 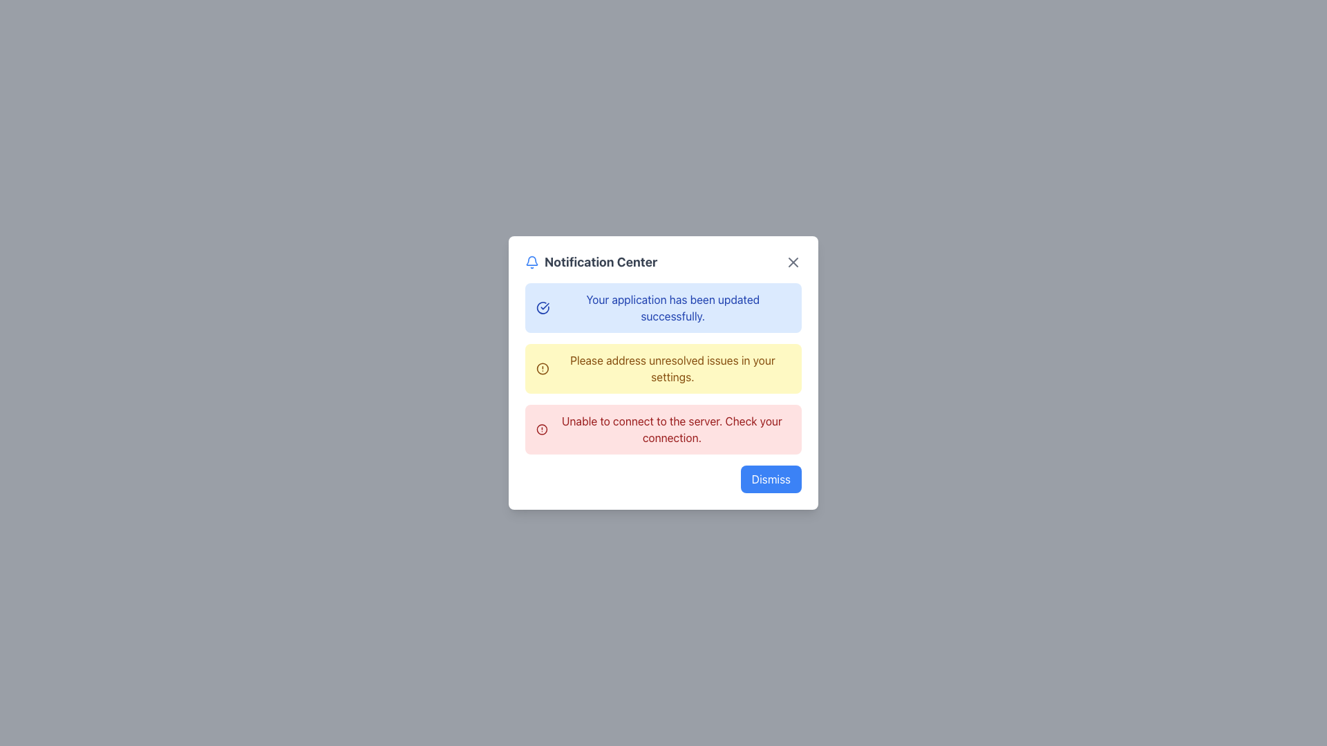 What do you see at coordinates (541, 428) in the screenshot?
I see `the alert icon in the third notification entry with a red background, indicating 'Unable to connect to the server. Check your connection.'` at bounding box center [541, 428].